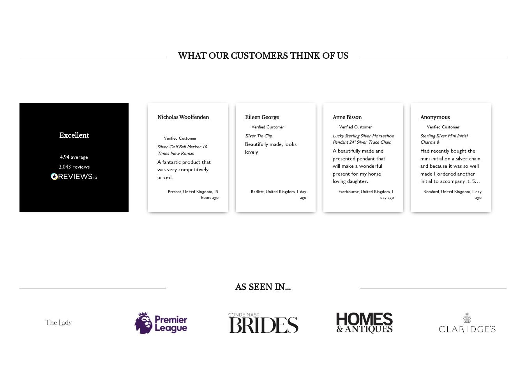 Image resolution: width=526 pixels, height=376 pixels. What do you see at coordinates (443, 150) in the screenshot?
I see `'Sterling Silver Mini Initial Charms &'` at bounding box center [443, 150].